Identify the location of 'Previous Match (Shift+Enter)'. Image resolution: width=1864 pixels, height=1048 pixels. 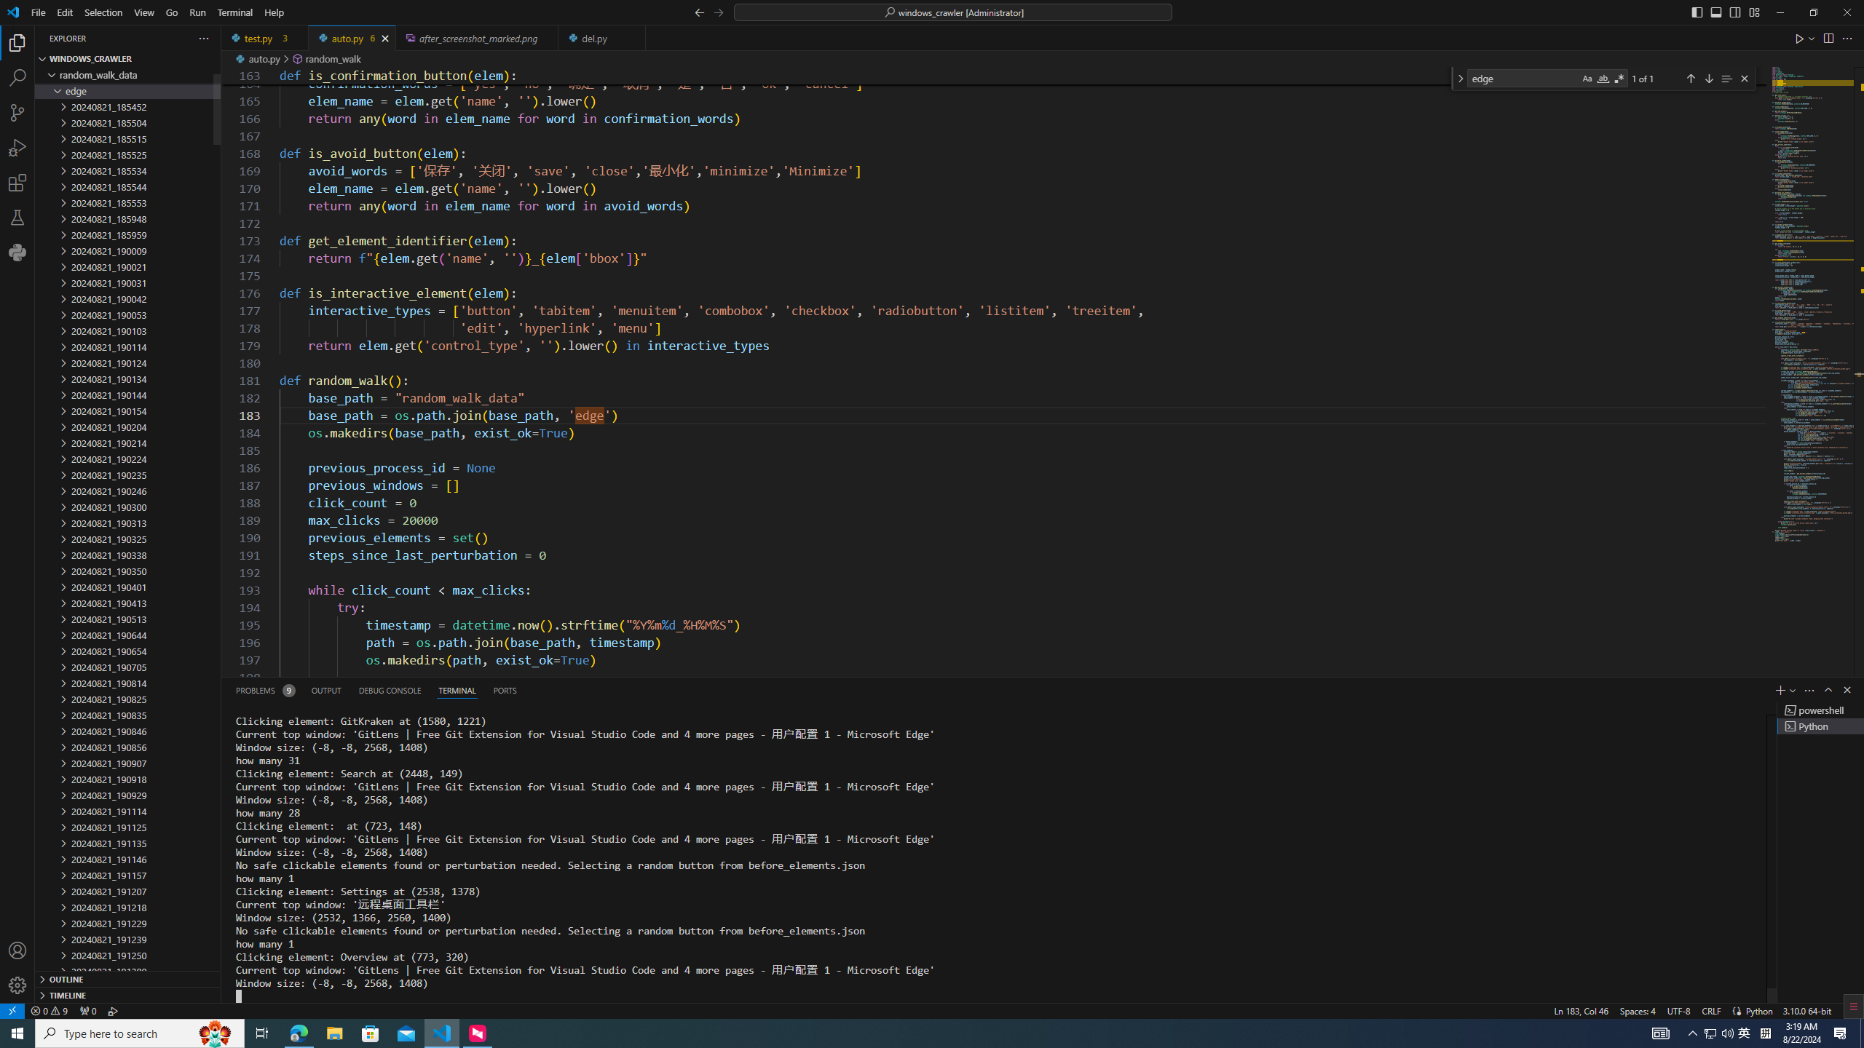
(1689, 78).